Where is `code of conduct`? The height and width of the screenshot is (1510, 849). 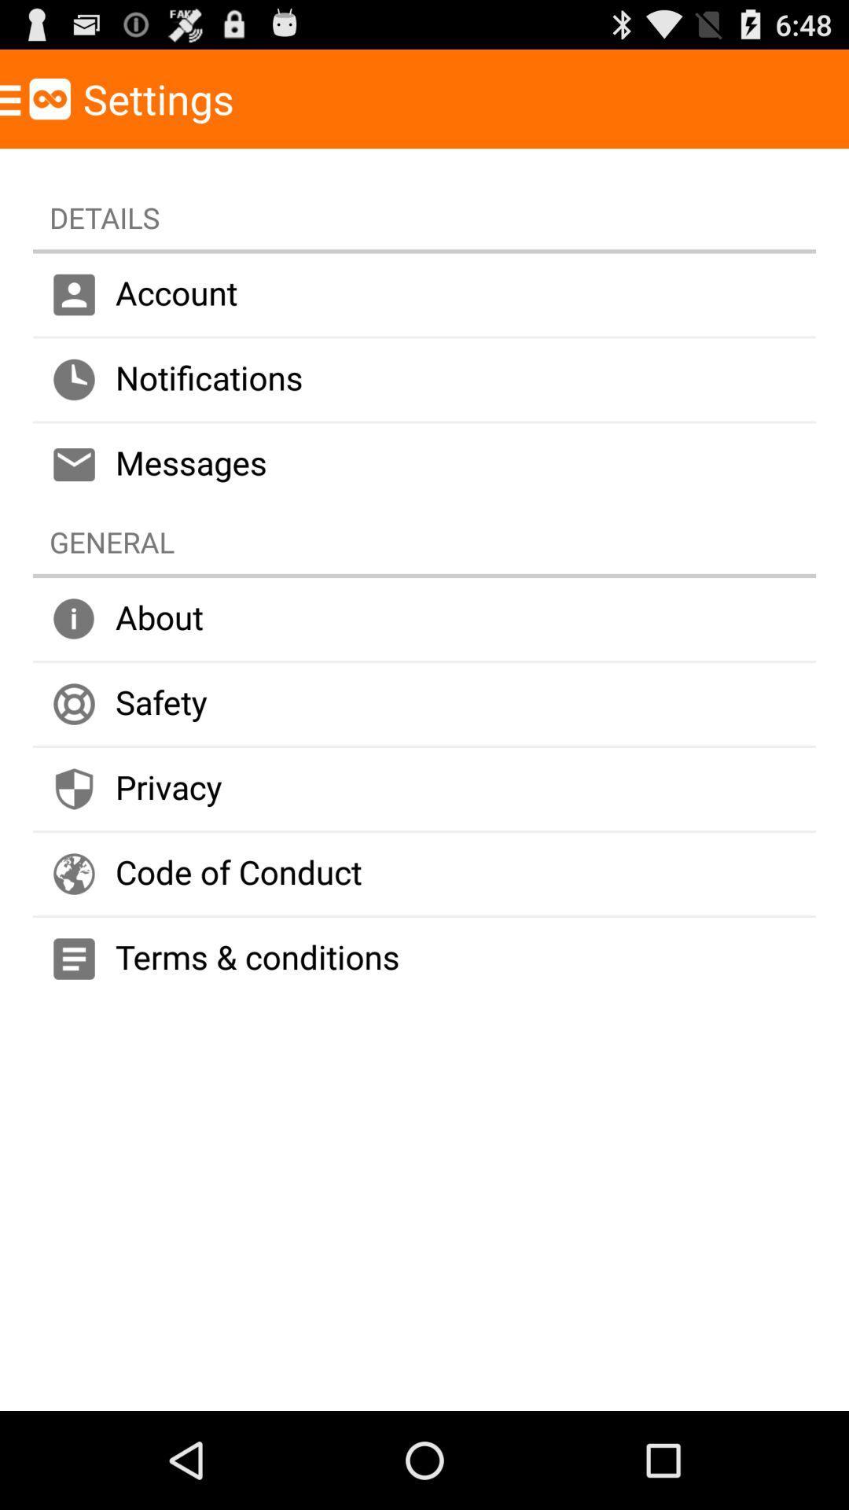 code of conduct is located at coordinates (424, 873).